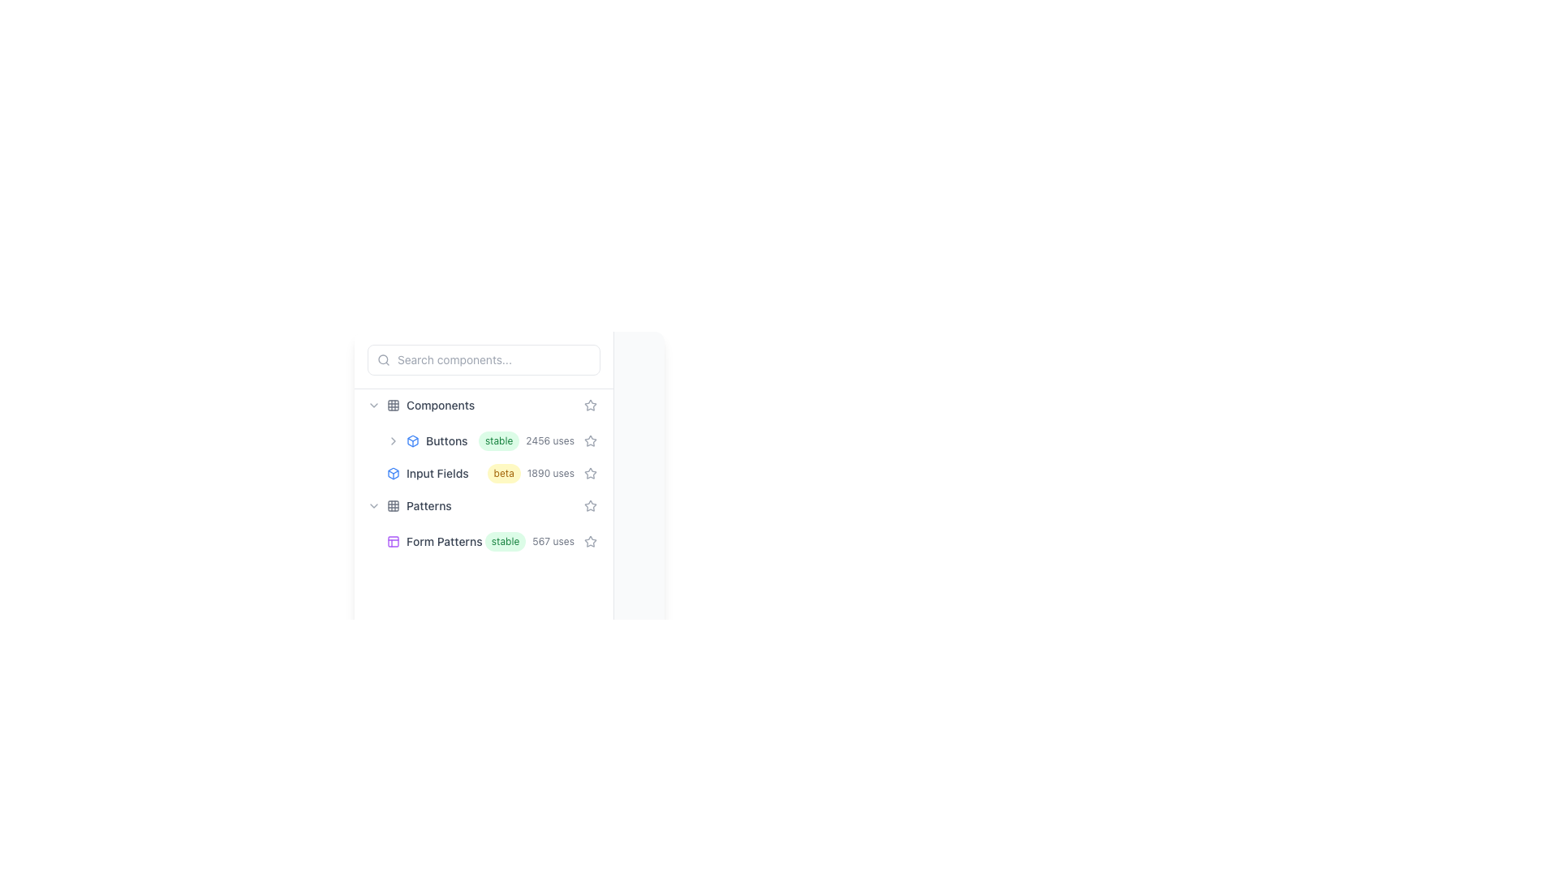  What do you see at coordinates (493, 541) in the screenshot?
I see `the 'Form Patterns' navigation item in the left sidebar under the 'Patterns' section` at bounding box center [493, 541].